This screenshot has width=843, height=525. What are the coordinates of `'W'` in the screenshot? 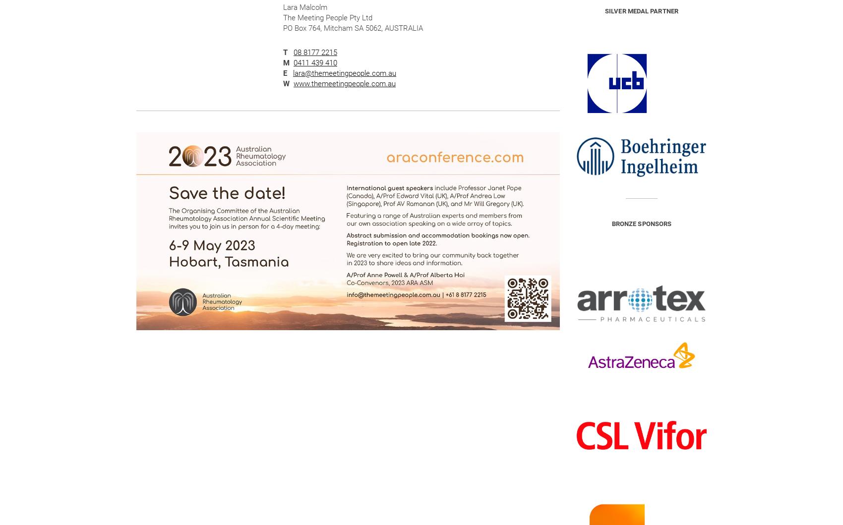 It's located at (285, 83).